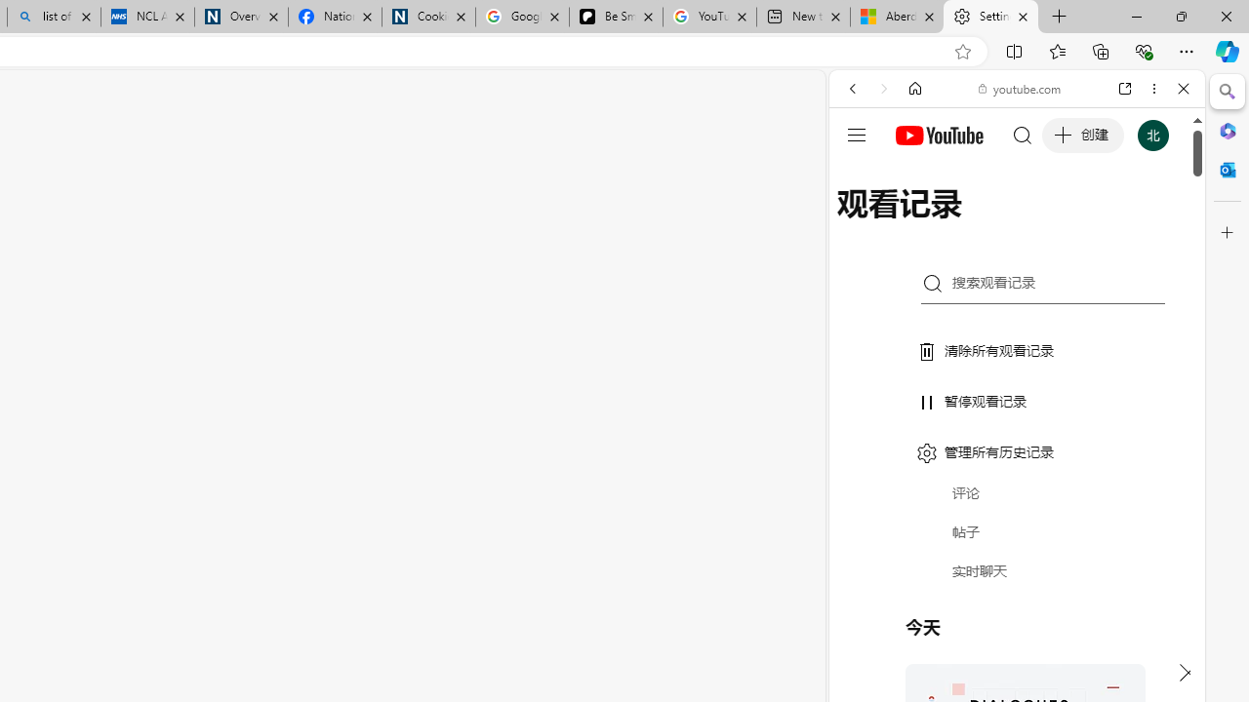 The image size is (1249, 702). I want to click on 'Close Customize pane', so click(1227, 232).